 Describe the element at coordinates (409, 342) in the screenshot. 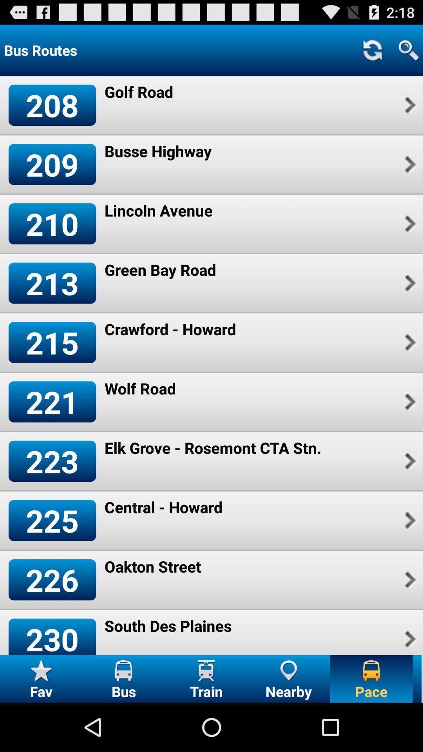

I see `the arrow which is left to text crawfordhoward` at that location.